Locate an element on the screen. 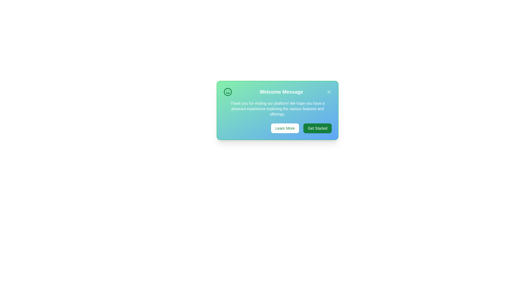 The width and height of the screenshot is (522, 293). the 'Get Started' button is located at coordinates (317, 128).